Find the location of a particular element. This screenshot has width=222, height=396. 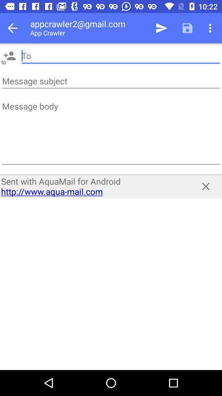

the item to the right of appcrawler2@gmail.com icon is located at coordinates (162, 28).